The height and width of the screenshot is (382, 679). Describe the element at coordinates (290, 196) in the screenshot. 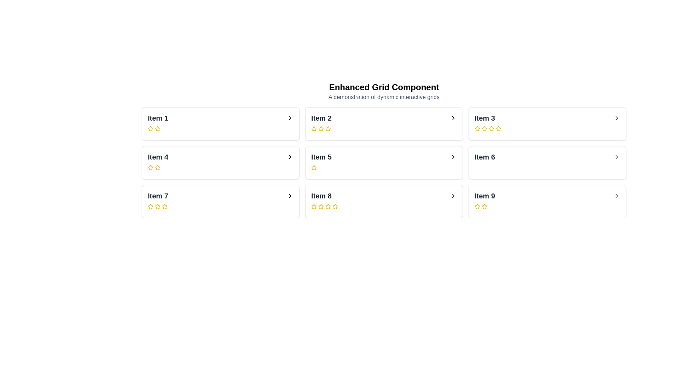

I see `the right-facing chevron arrow icon located in the bottom-left box labeled 'Item 7'` at that location.